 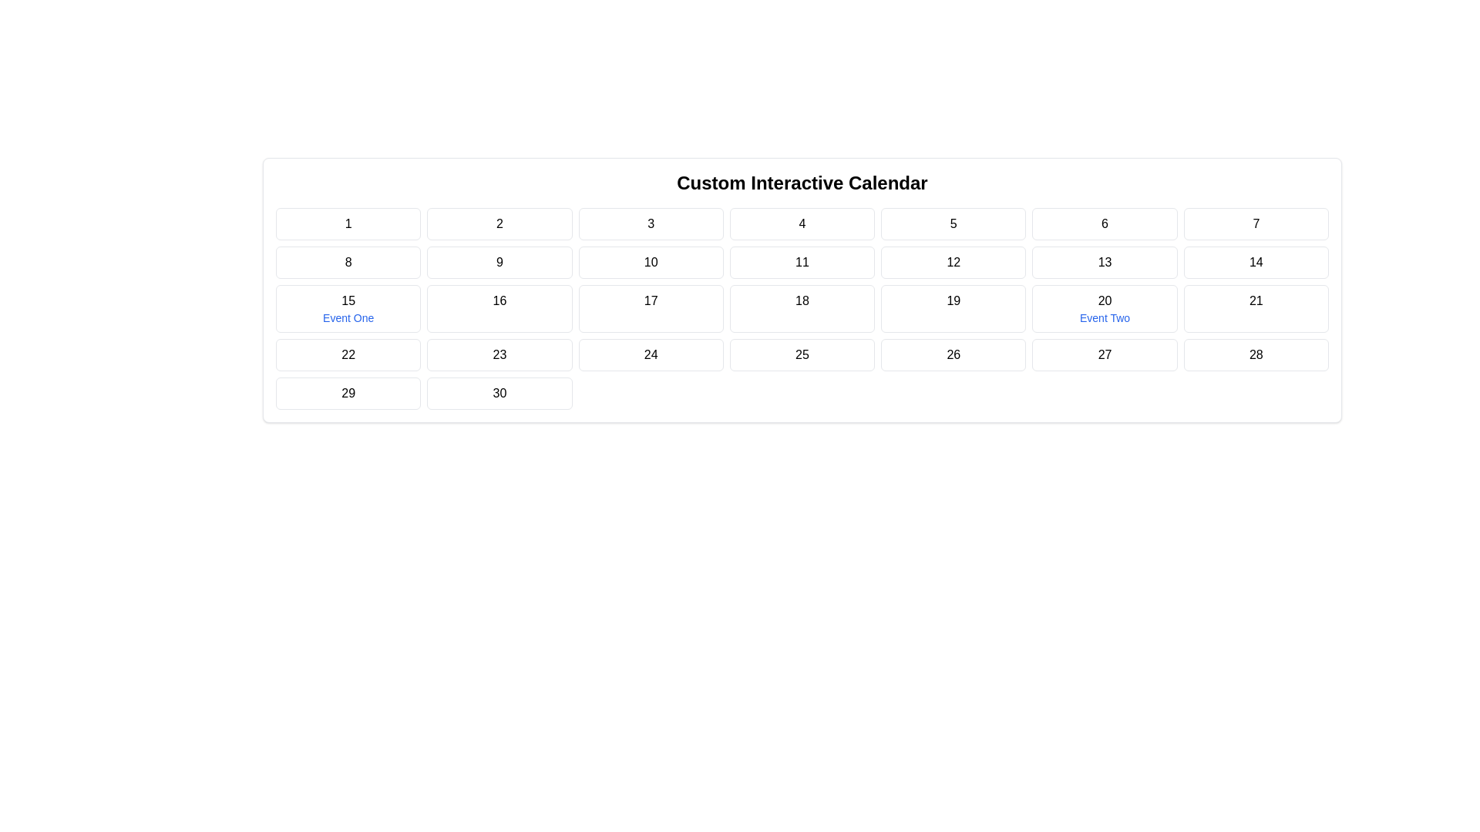 I want to click on the Calendar date button labeled '26', so click(x=953, y=355).